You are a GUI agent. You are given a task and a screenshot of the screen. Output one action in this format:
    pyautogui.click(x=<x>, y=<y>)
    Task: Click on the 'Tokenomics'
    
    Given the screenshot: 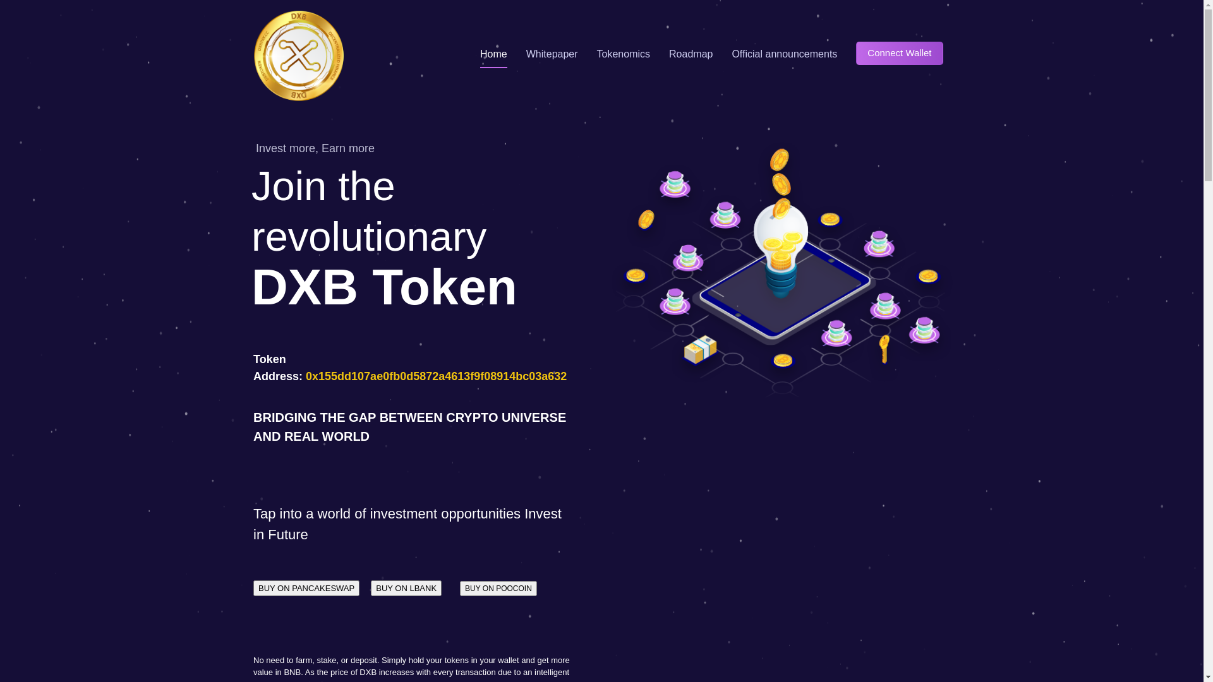 What is the action you would take?
    pyautogui.click(x=624, y=54)
    